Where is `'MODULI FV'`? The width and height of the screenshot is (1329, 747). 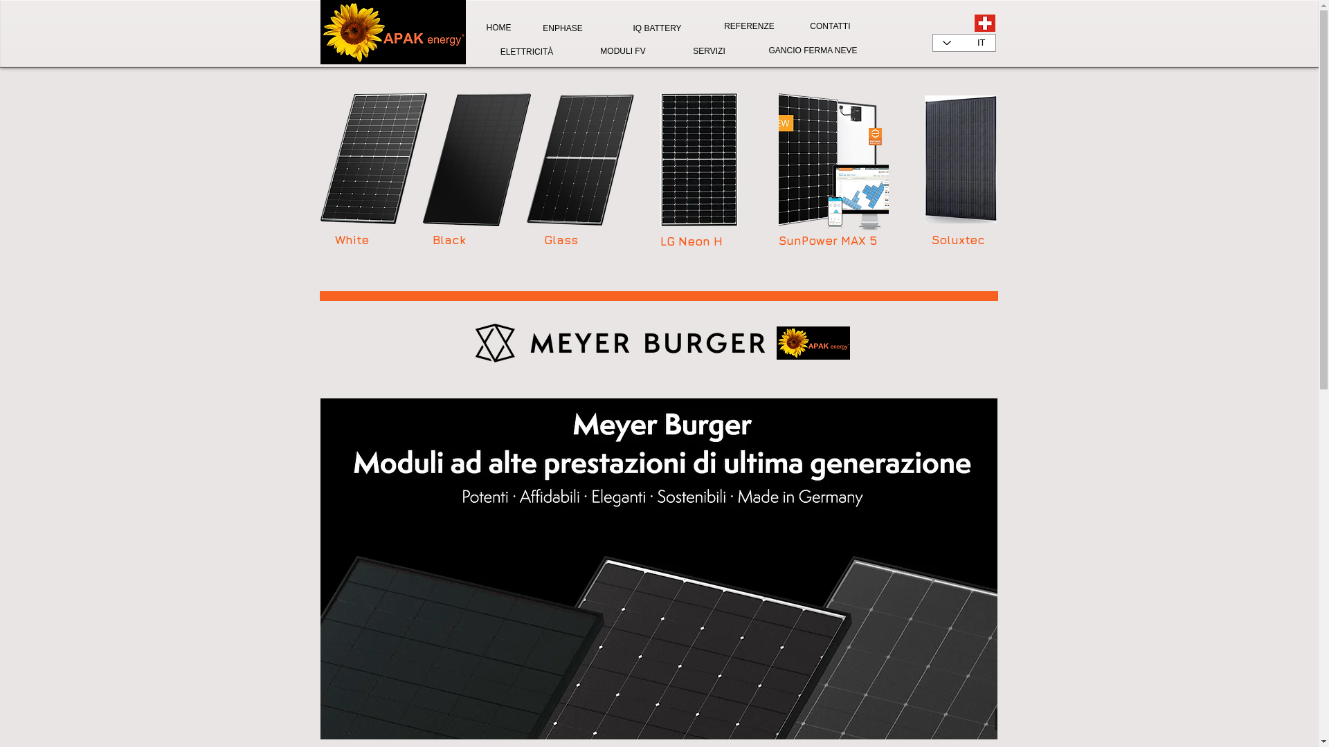
'MODULI FV' is located at coordinates (622, 50).